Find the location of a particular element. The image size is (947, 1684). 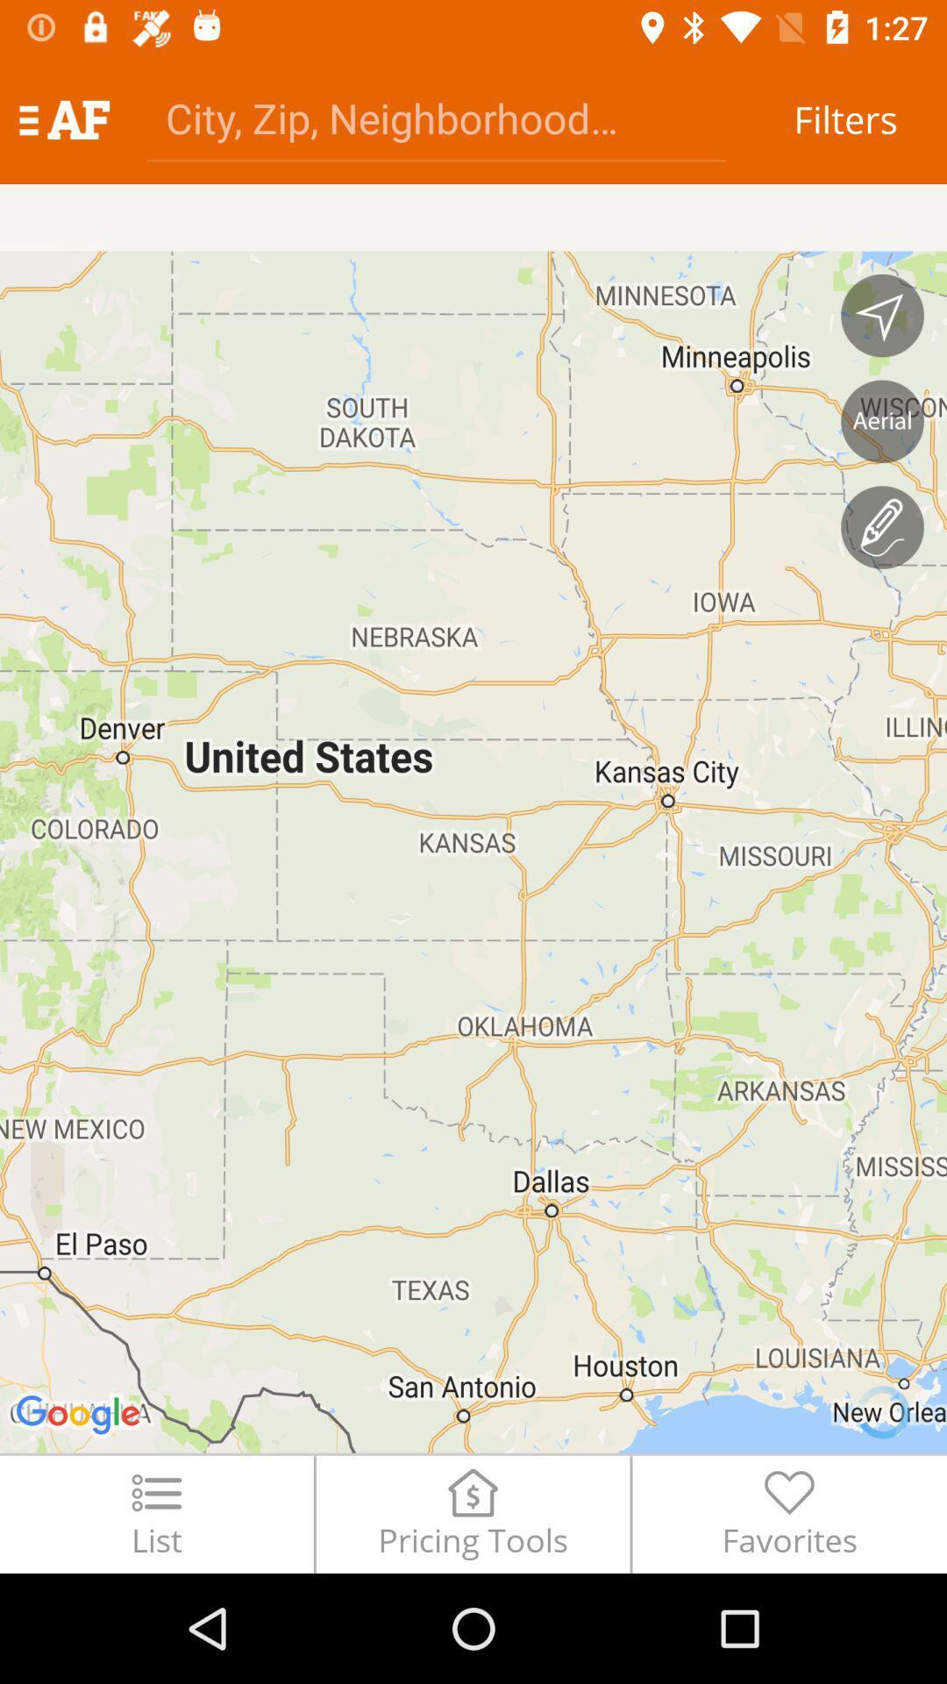

the navigation icon is located at coordinates (882, 316).